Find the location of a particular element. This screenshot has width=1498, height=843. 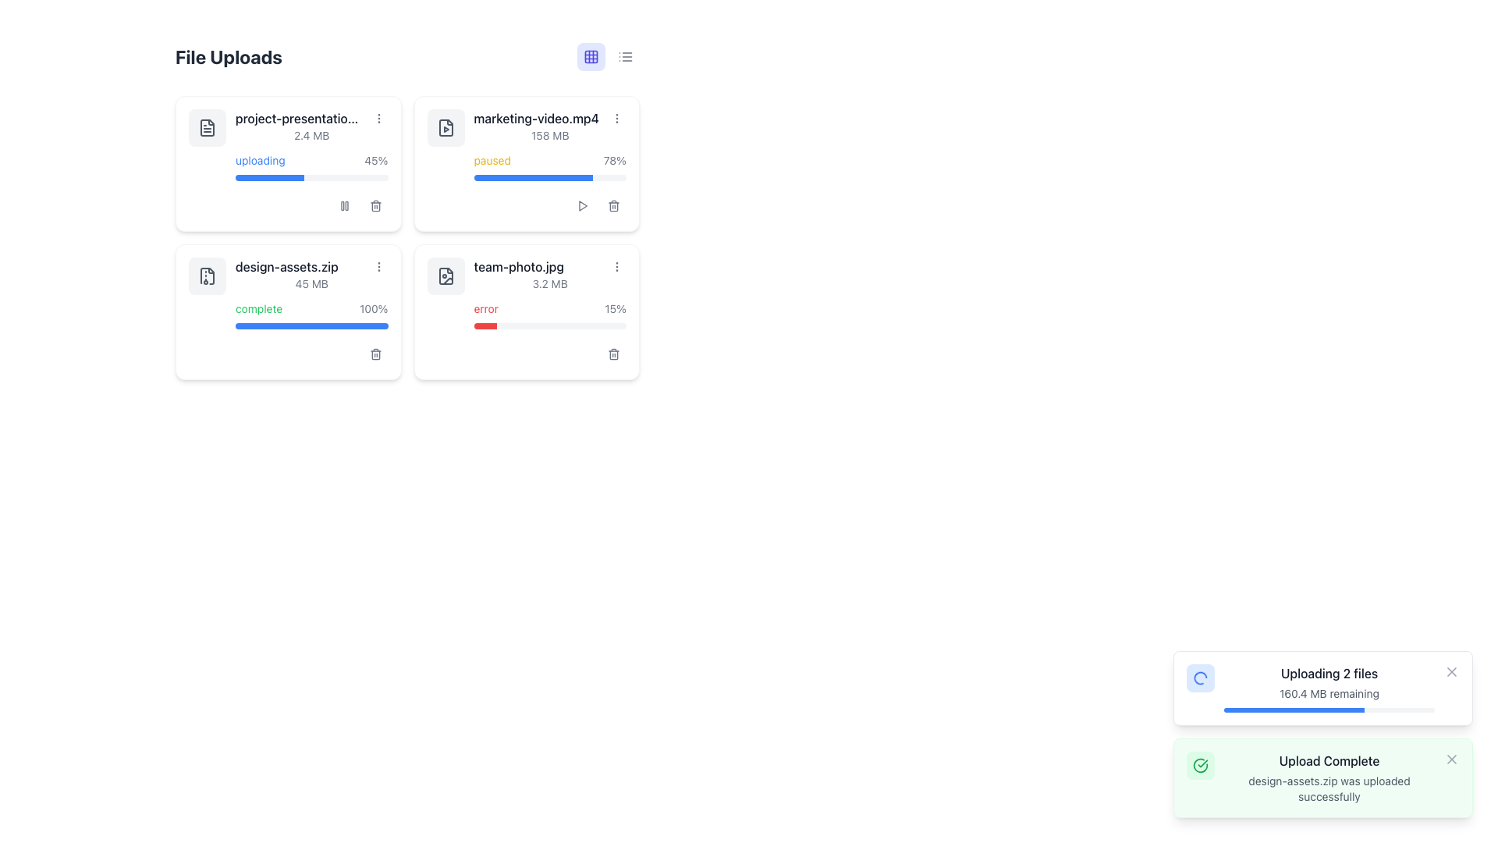

the progress bar located below the text '160.4 MB remaining' and under the section 'Uploading 2 files' within the 'Uploading 2 files' UI card is located at coordinates (1329, 710).